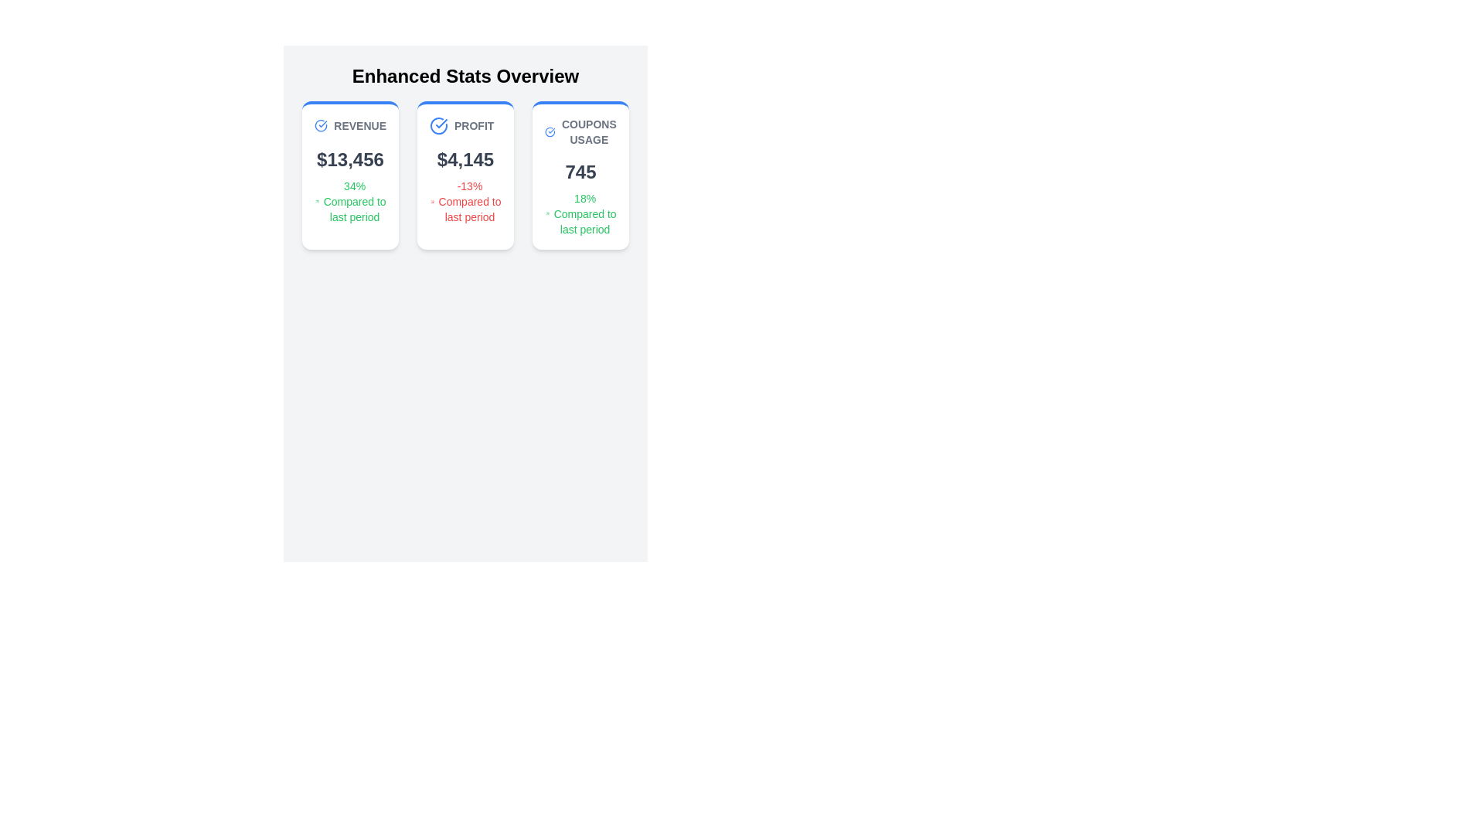  I want to click on the textual indicator in green font that displays '18% Compared to last period', located within the 'COUPONS USAGE' card, beneath the numeric value '745', so click(584, 214).